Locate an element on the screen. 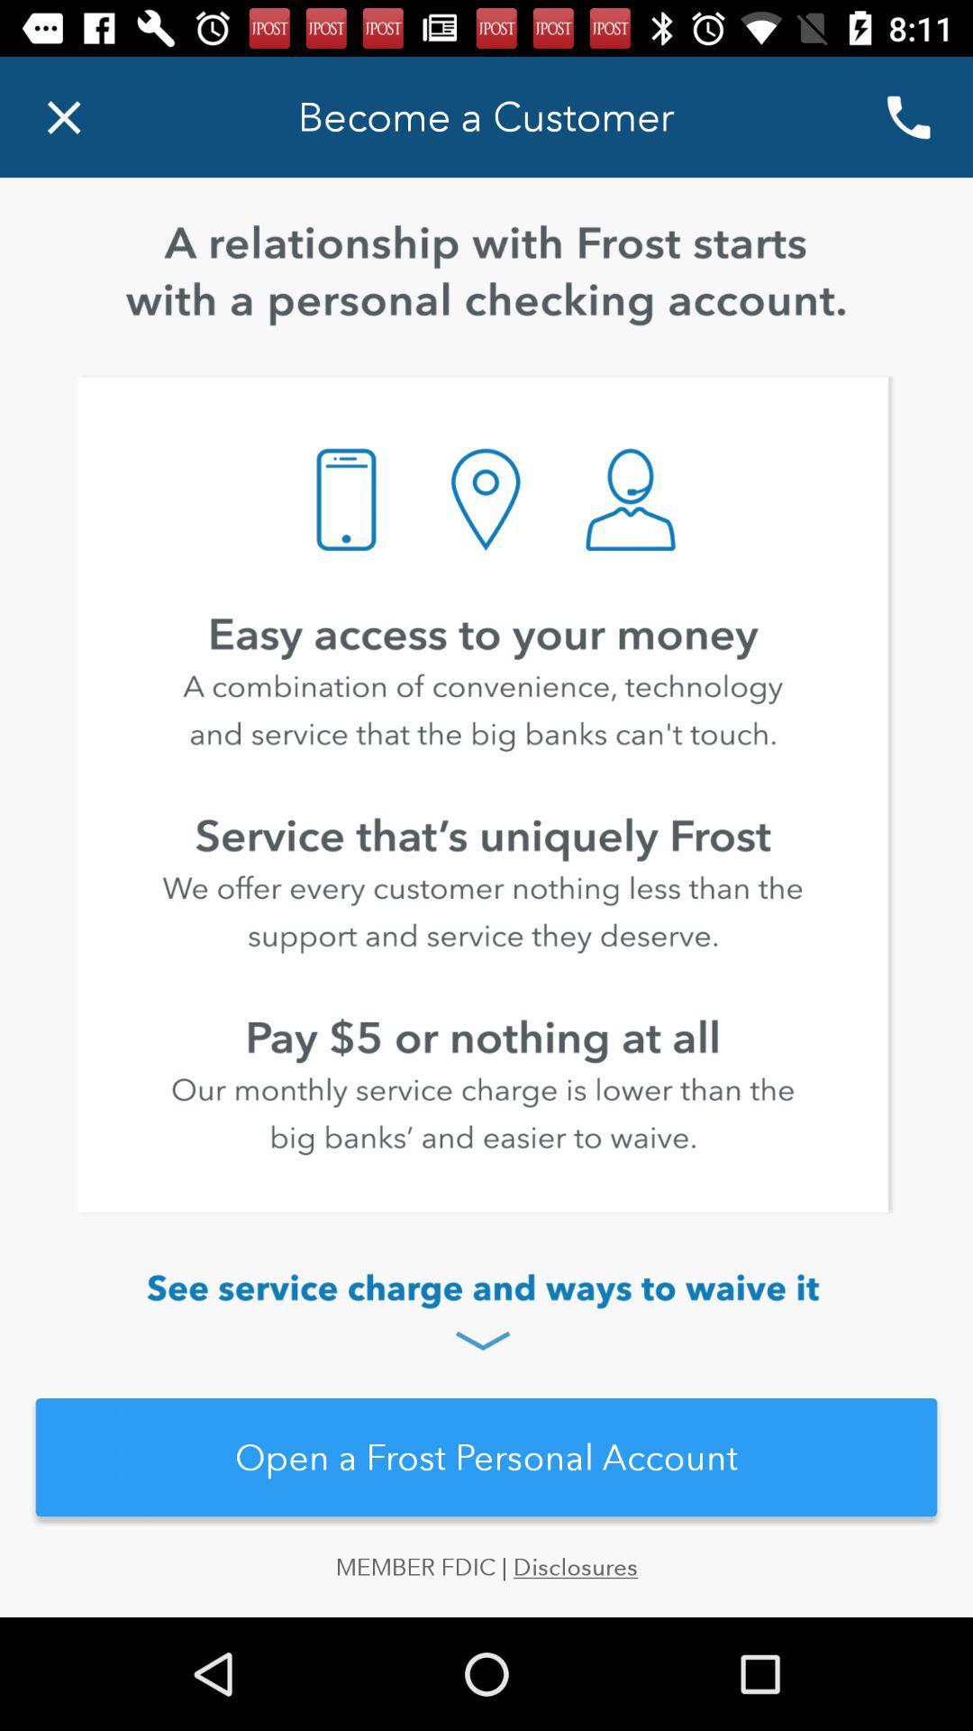 This screenshot has height=1731, width=973. the item above member fdic | disclosures is located at coordinates (486, 1457).